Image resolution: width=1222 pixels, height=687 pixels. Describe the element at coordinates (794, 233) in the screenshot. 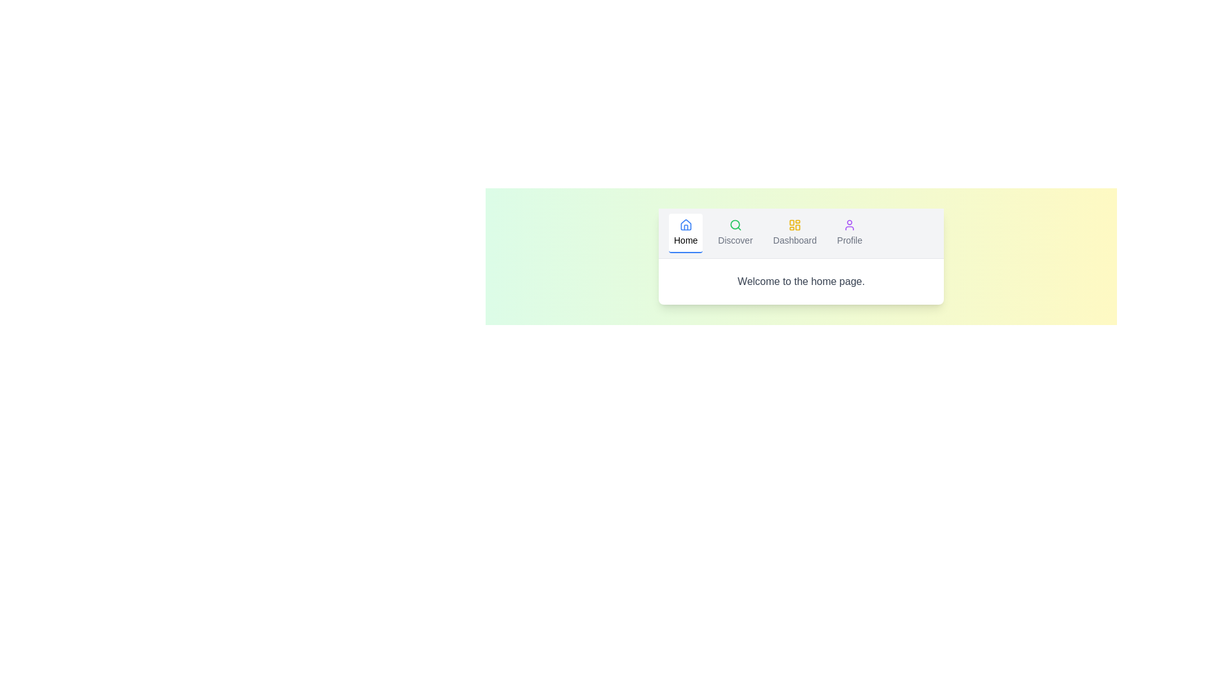

I see `the Dashboard tab to navigate to its content` at that location.